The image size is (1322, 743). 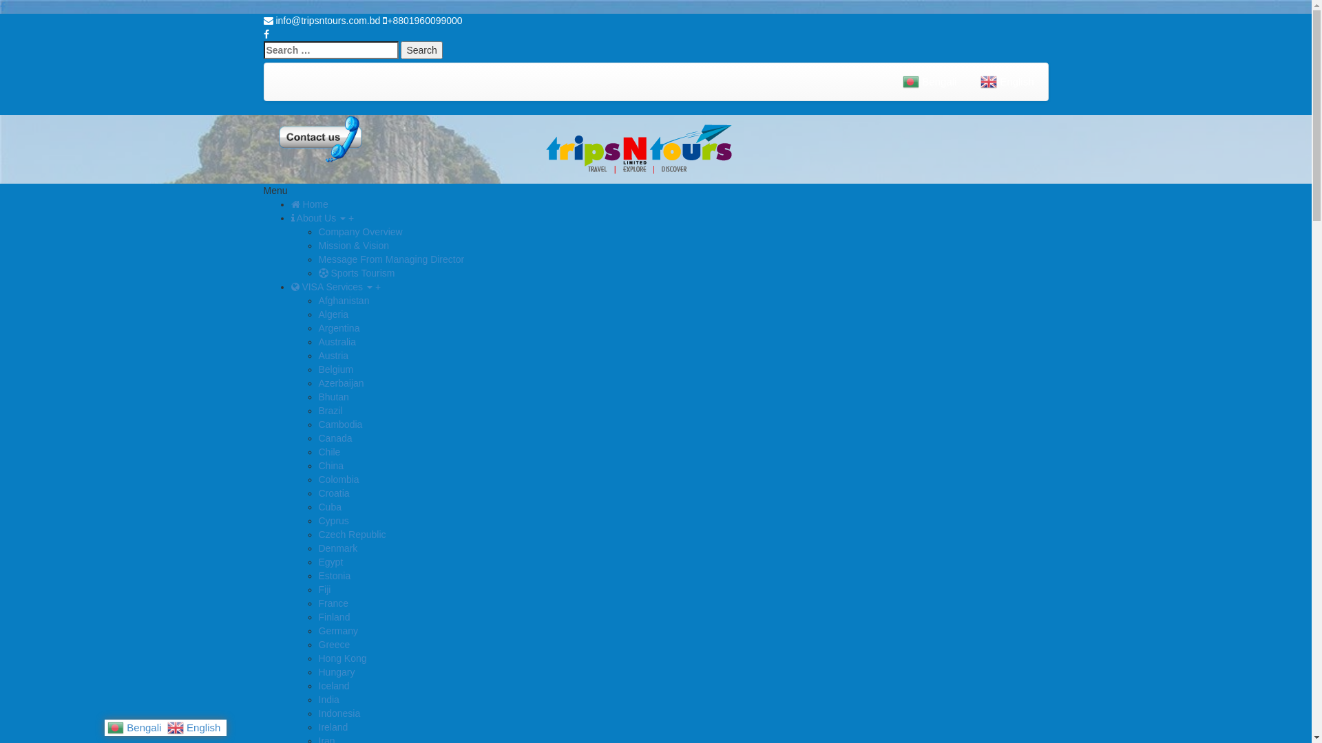 I want to click on '+', so click(x=350, y=217).